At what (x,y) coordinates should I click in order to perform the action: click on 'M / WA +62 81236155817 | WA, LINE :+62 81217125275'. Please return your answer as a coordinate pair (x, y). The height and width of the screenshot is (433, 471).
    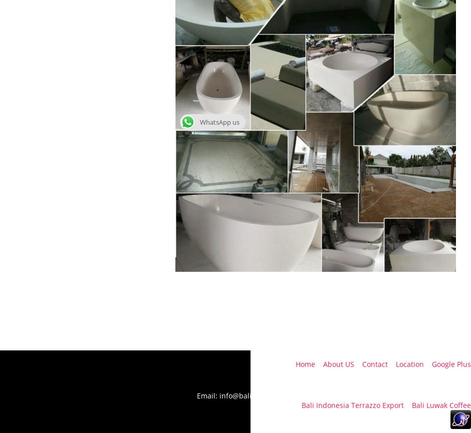
    Looking at the image, I should click on (378, 385).